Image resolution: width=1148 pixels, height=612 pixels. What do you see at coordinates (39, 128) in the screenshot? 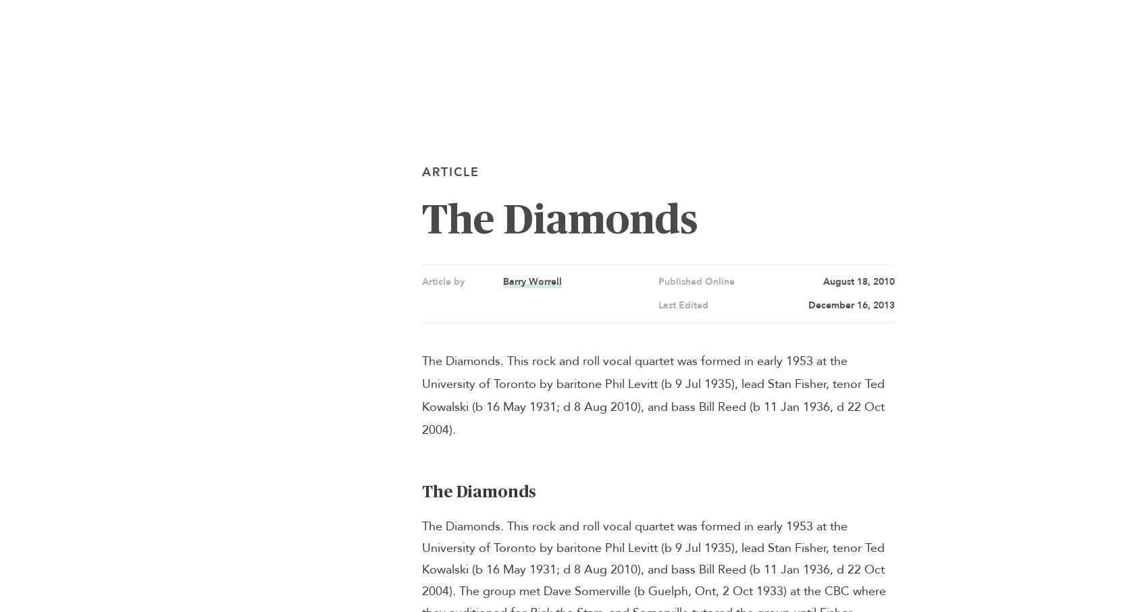
I see `'Resources'` at bounding box center [39, 128].